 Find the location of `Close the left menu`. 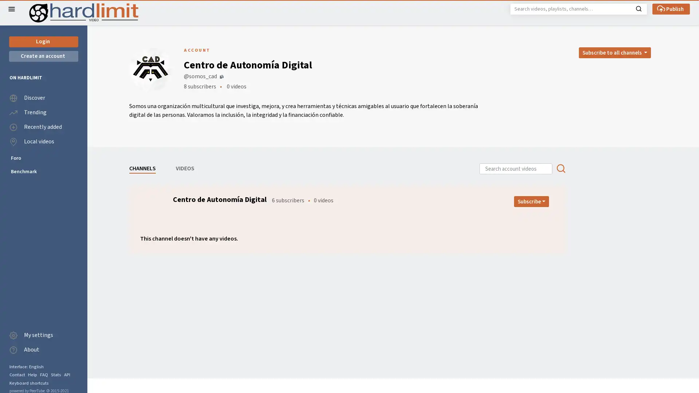

Close the left menu is located at coordinates (12, 9).